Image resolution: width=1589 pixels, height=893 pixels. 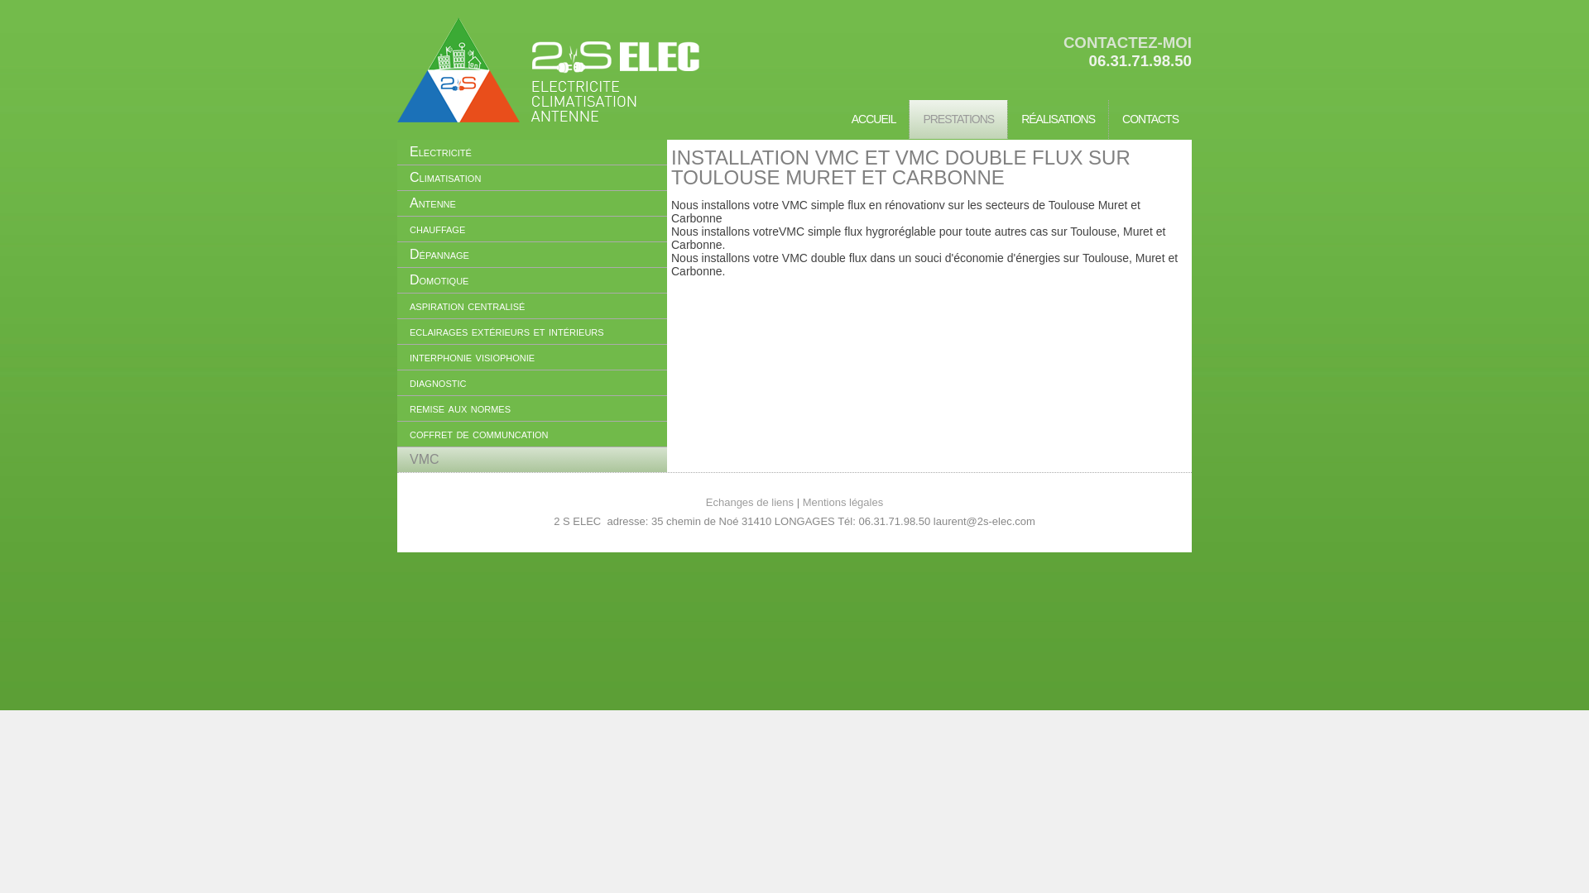 I want to click on 'Domotique', so click(x=532, y=279).